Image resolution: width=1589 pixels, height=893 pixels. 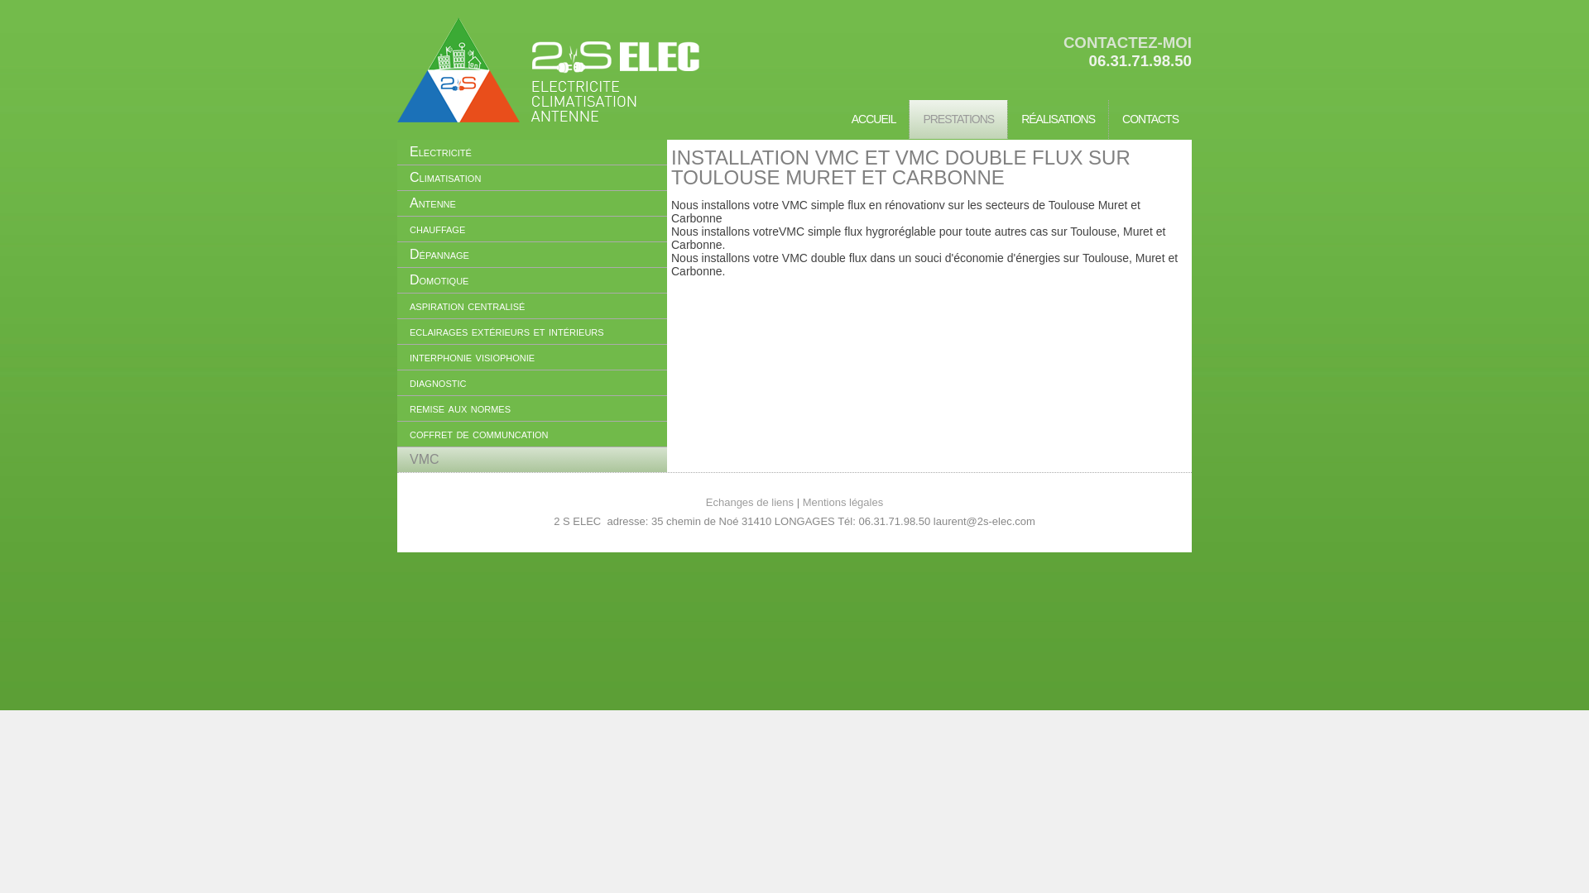 I want to click on 'Domotique', so click(x=532, y=279).